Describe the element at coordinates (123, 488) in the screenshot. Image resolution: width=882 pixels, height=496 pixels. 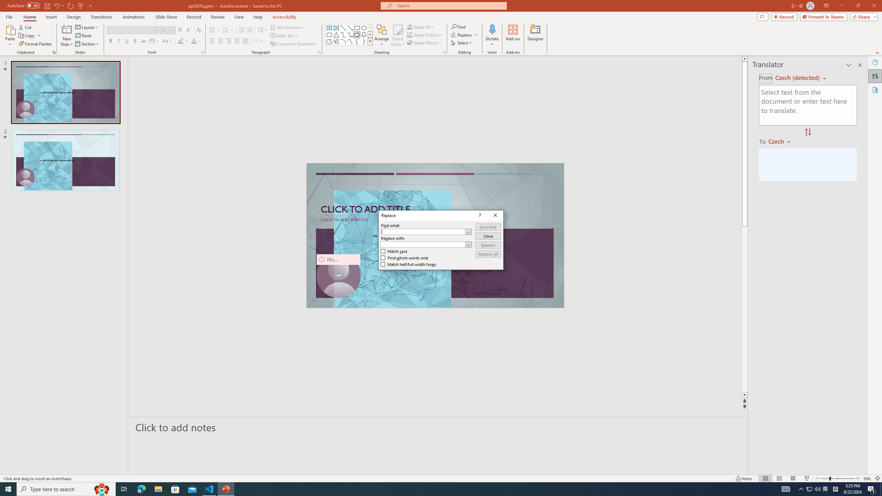
I see `'Task View'` at that location.